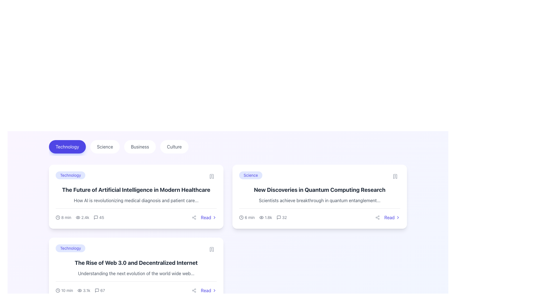 Image resolution: width=537 pixels, height=302 pixels. Describe the element at coordinates (395, 176) in the screenshot. I see `the bookmark icon located in the top-right corner of the 'New Discoveries in Quantum Computing Research' card` at that location.